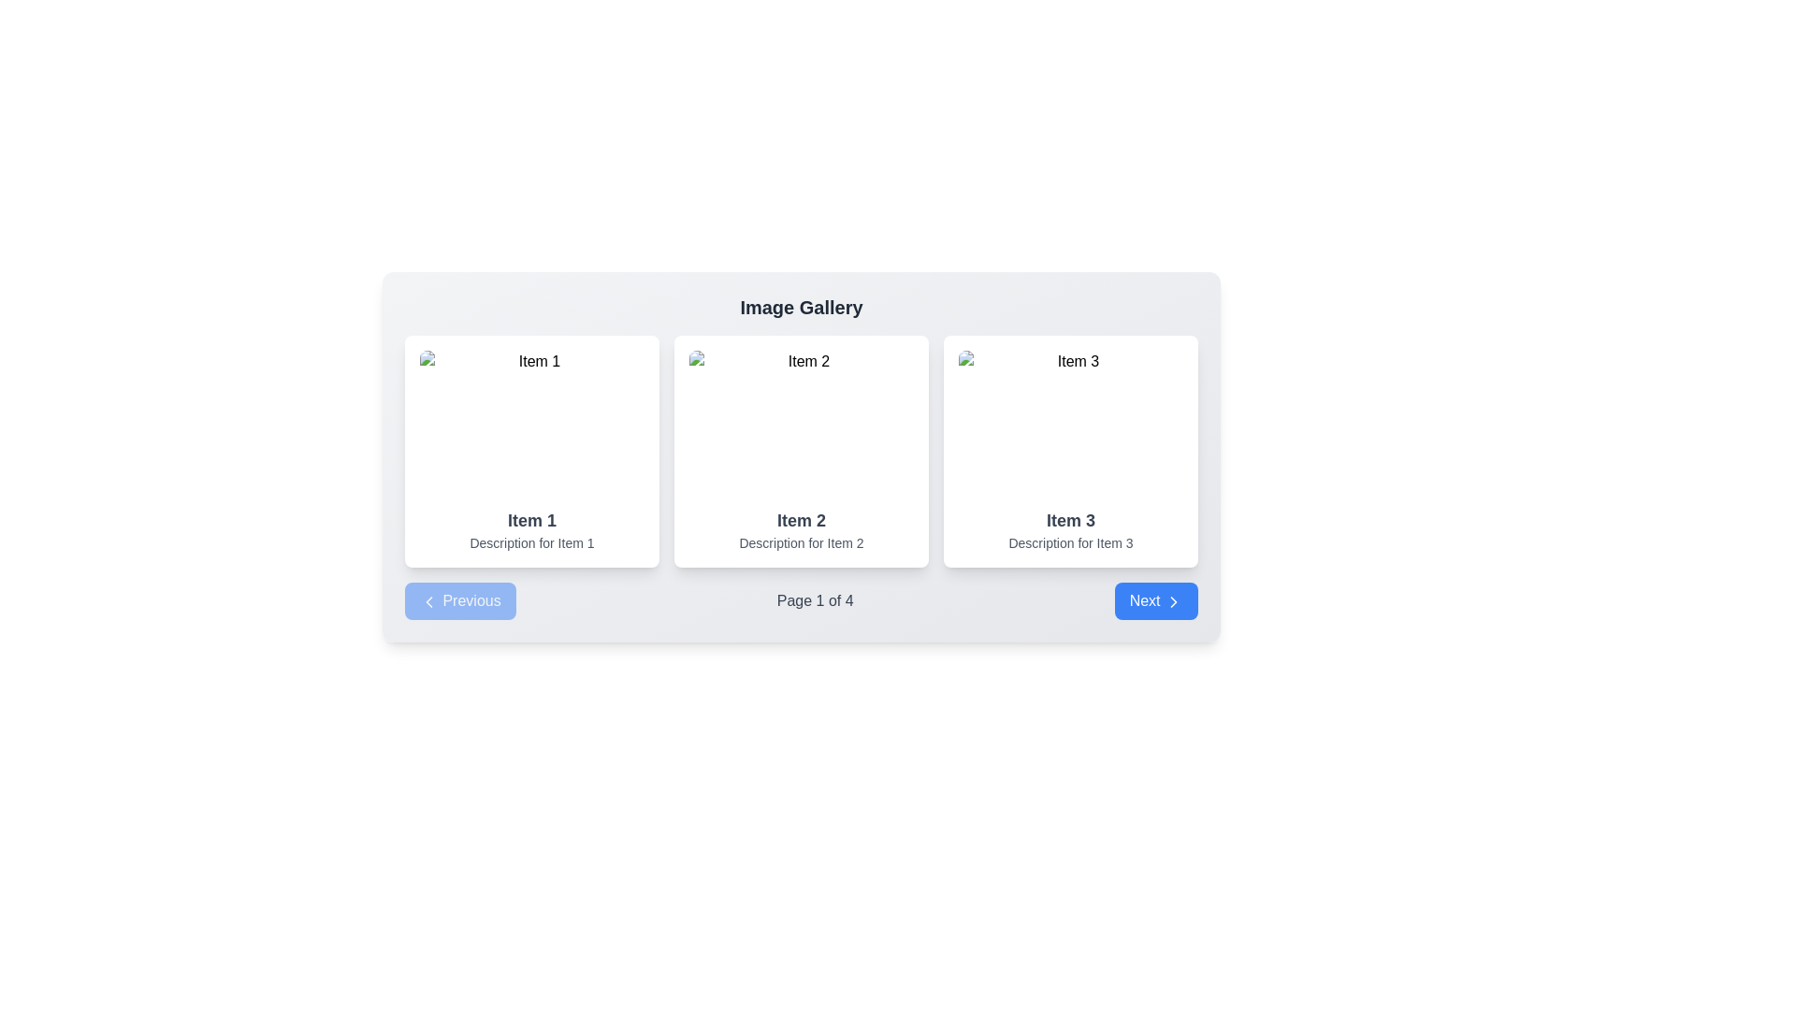 The image size is (1796, 1010). Describe the element at coordinates (1172, 601) in the screenshot. I see `the right-facing chevron arrow icon located on the blue 'Next' button` at that location.